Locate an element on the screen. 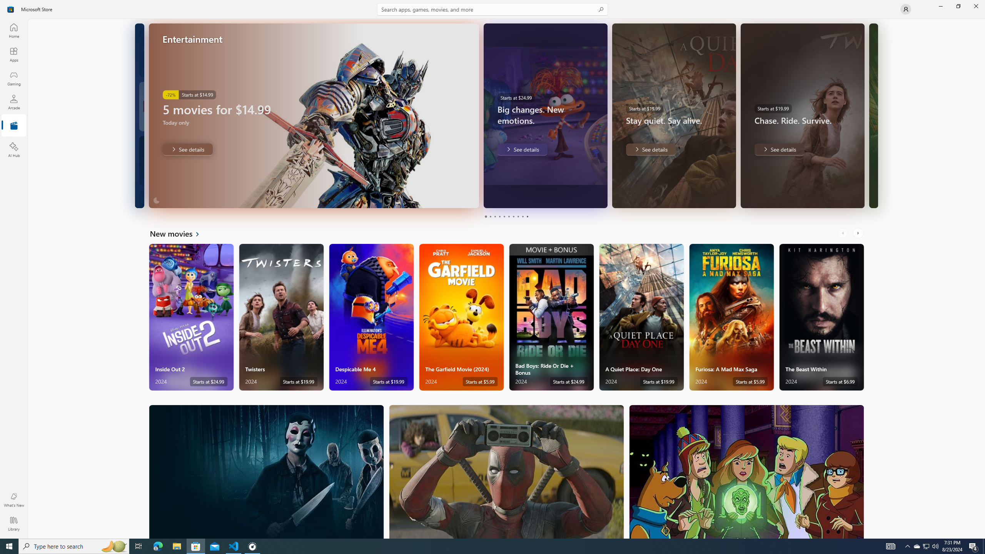 Image resolution: width=985 pixels, height=554 pixels. 'Page 2' is located at coordinates (489, 216).